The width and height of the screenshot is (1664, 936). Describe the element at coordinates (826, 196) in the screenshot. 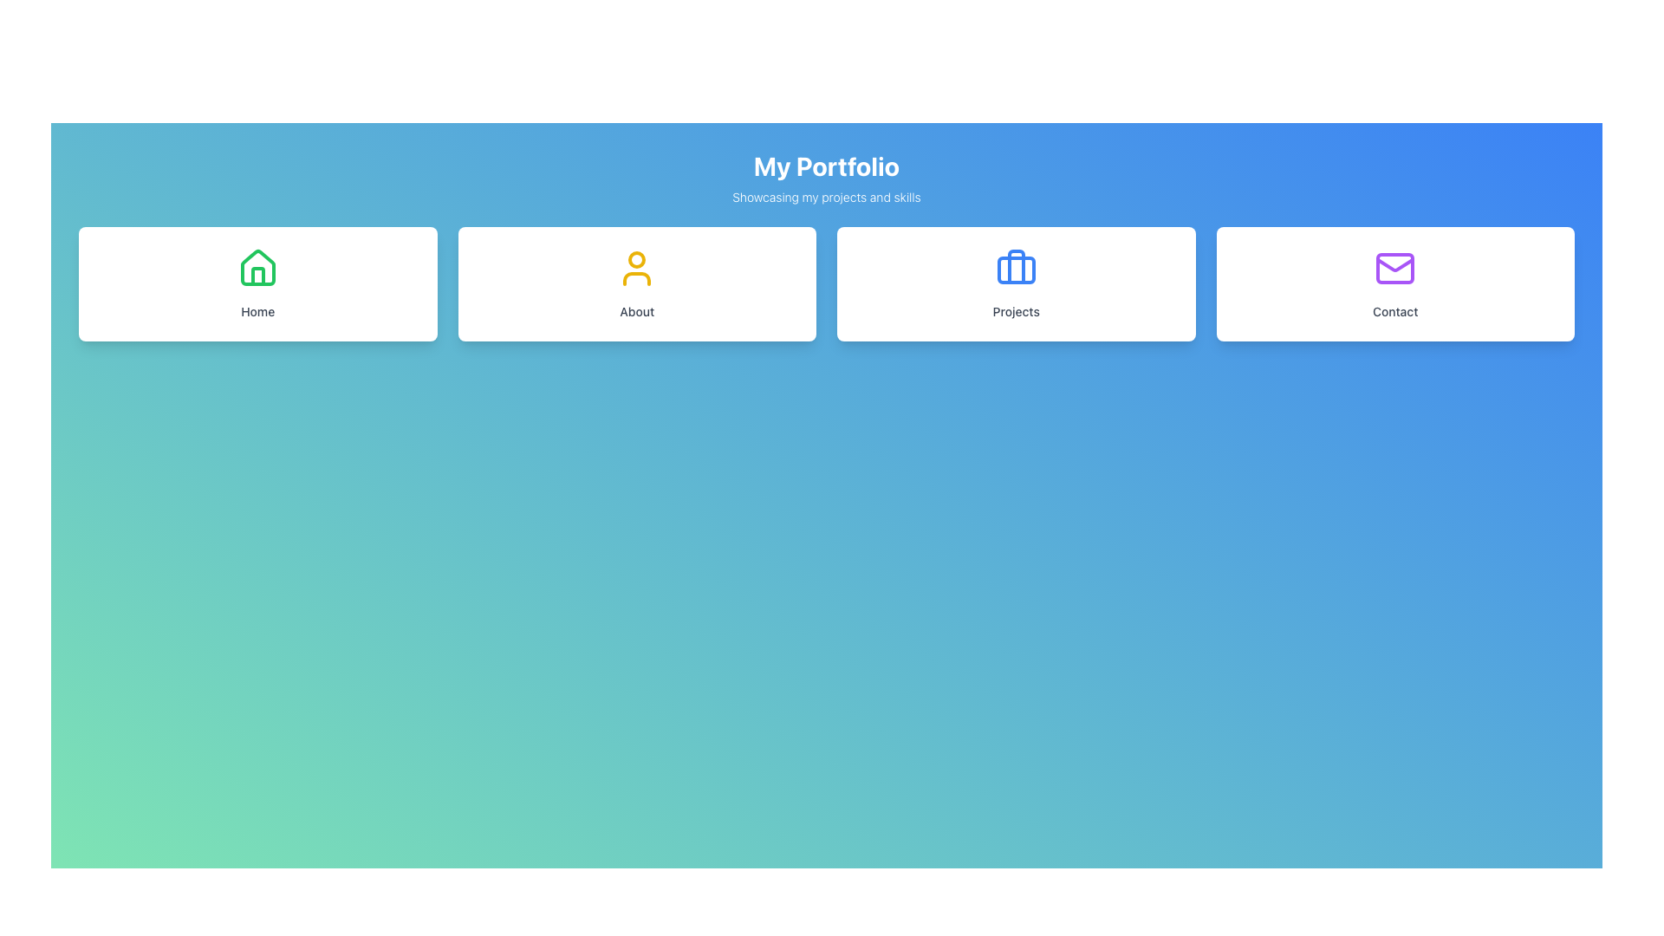

I see `text element containing 'Showcasing my projects and skills.' which is styled in a small font and positioned below the title 'My Portfolio.'` at that location.